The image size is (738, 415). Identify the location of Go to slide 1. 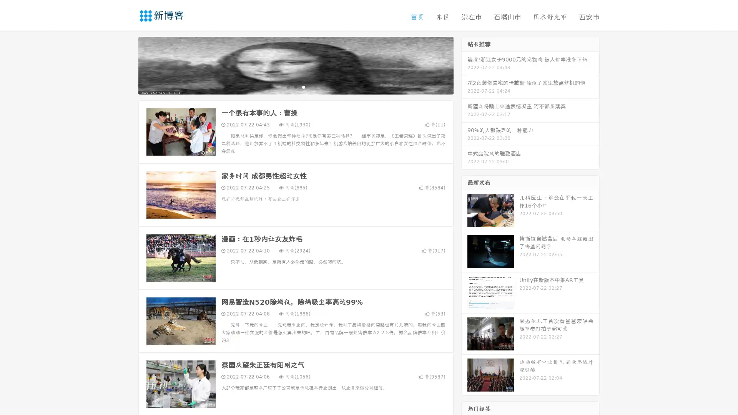
(288, 86).